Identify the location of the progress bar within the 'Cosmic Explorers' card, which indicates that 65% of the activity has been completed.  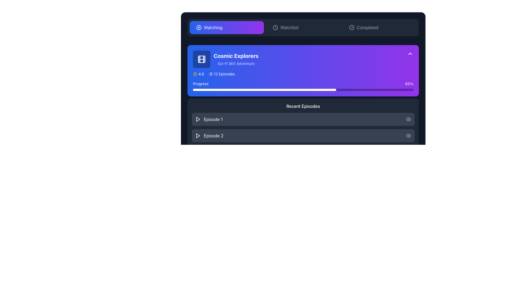
(303, 86).